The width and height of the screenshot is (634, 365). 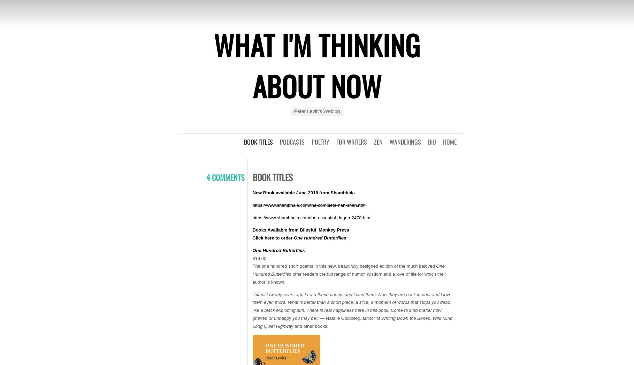 What do you see at coordinates (377, 142) in the screenshot?
I see `'Zen'` at bounding box center [377, 142].